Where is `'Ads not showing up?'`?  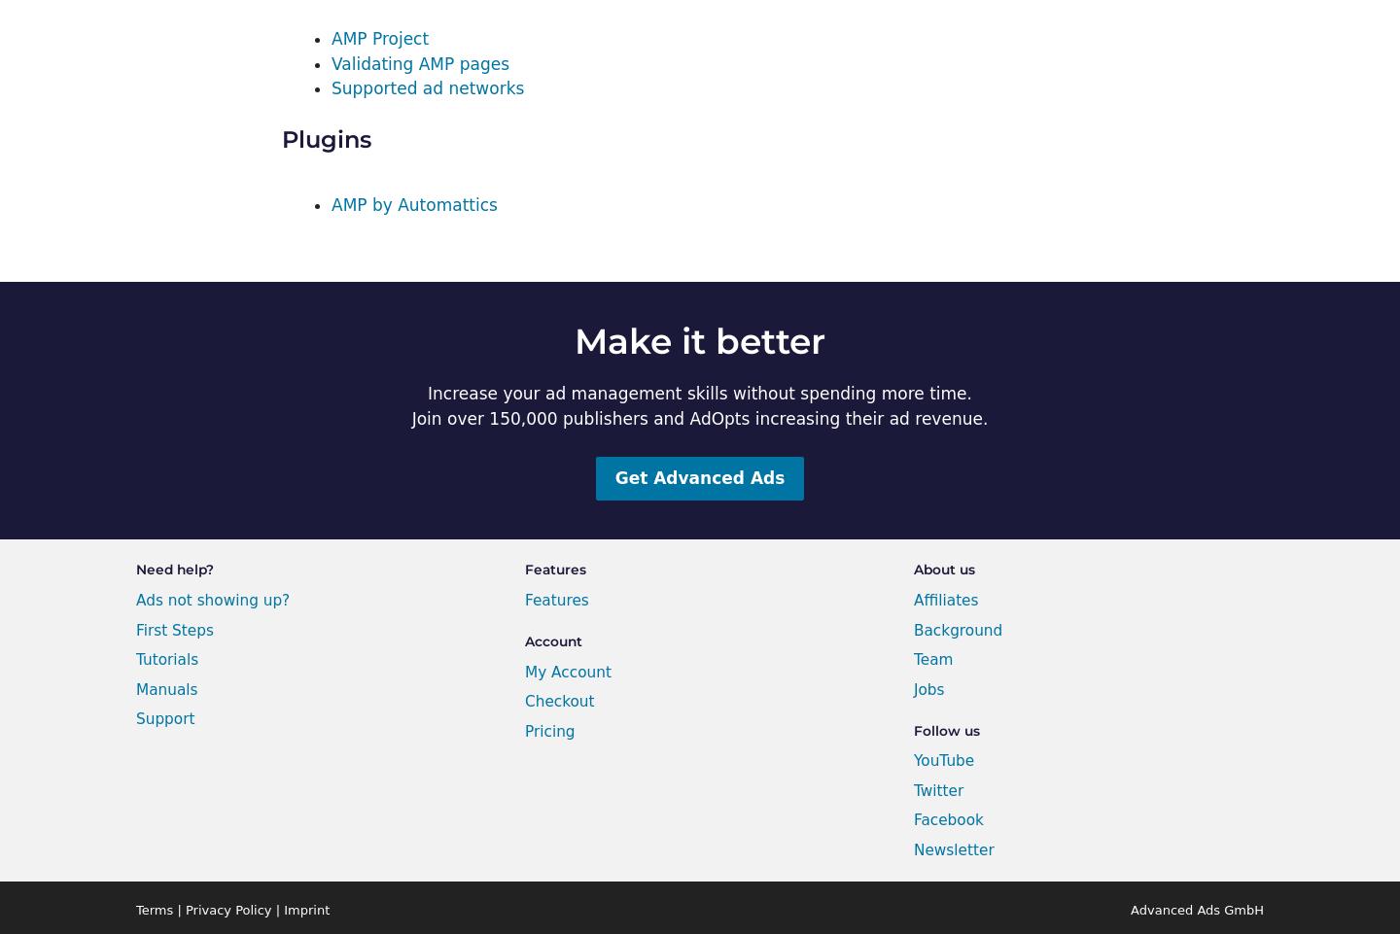 'Ads not showing up?' is located at coordinates (213, 601).